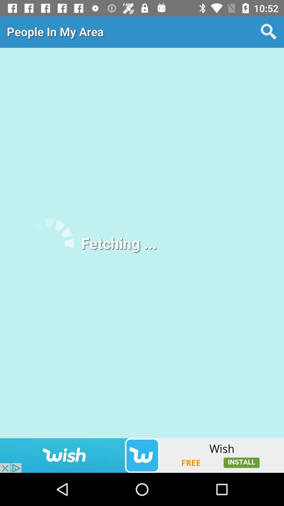 Image resolution: width=284 pixels, height=506 pixels. I want to click on search button, so click(268, 32).